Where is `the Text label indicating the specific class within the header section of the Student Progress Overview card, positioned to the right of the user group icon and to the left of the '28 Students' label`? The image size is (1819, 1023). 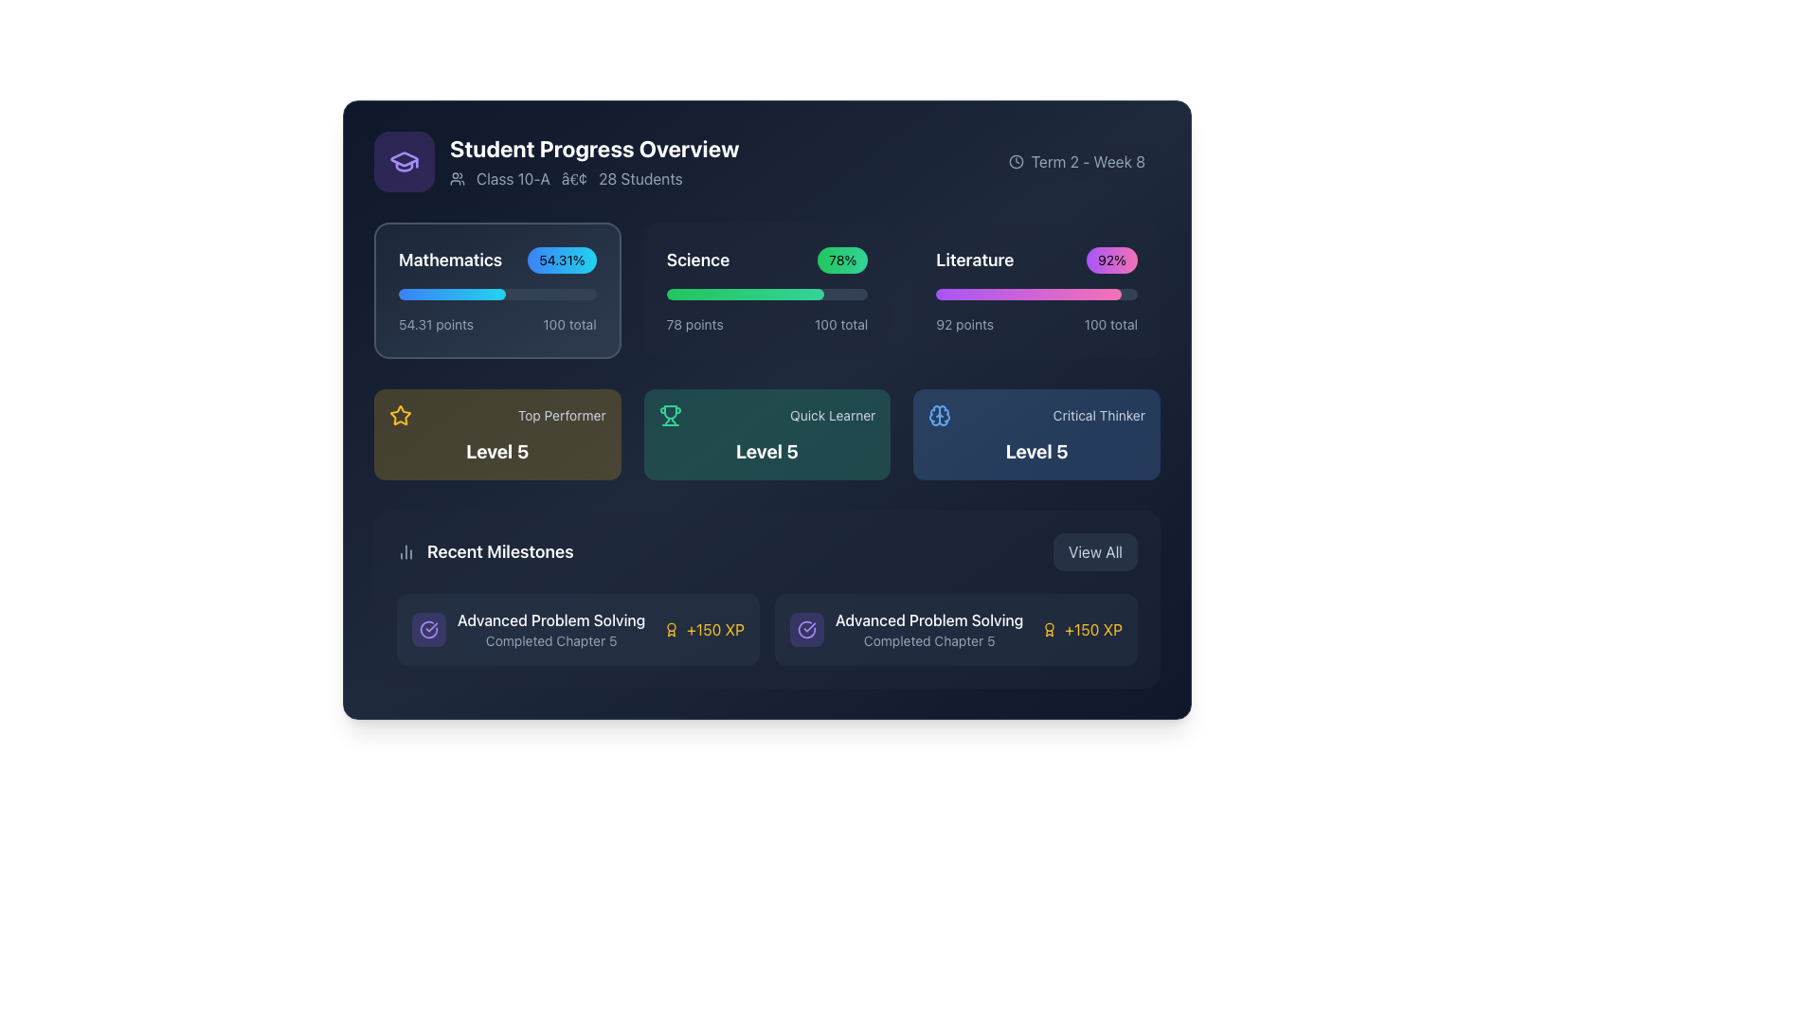
the Text label indicating the specific class within the header section of the Student Progress Overview card, positioned to the right of the user group icon and to the left of the '28 Students' label is located at coordinates (513, 179).